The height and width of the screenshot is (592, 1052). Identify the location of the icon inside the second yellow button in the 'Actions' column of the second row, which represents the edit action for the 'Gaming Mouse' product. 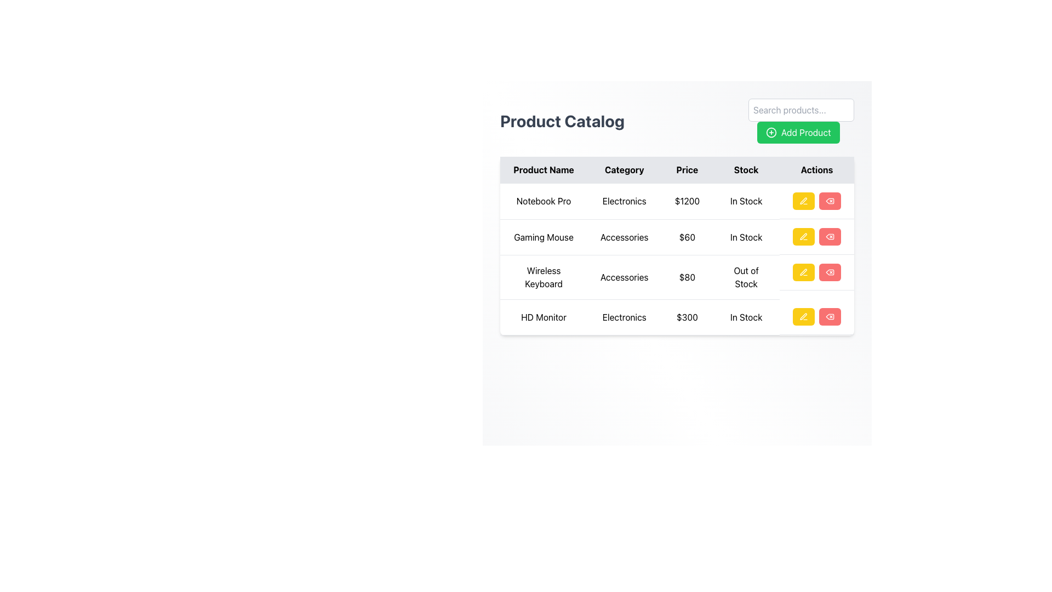
(804, 236).